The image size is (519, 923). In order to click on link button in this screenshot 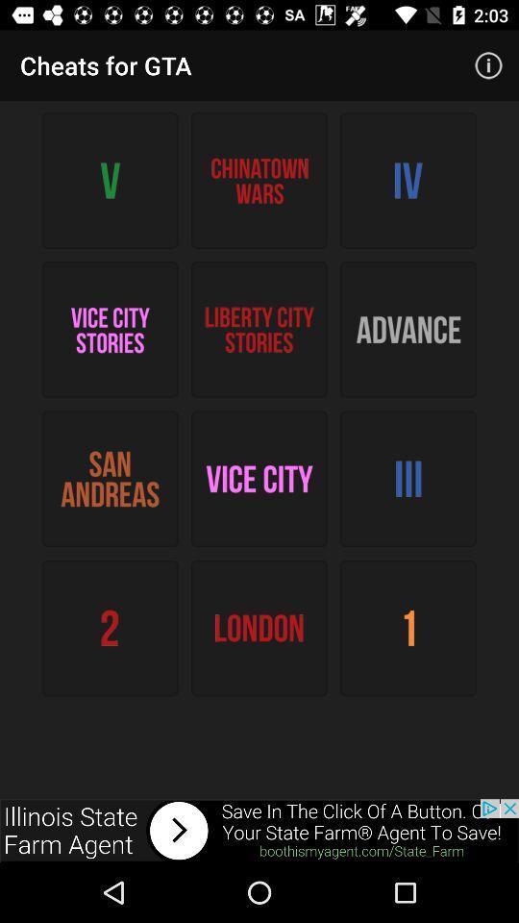, I will do `click(259, 830)`.